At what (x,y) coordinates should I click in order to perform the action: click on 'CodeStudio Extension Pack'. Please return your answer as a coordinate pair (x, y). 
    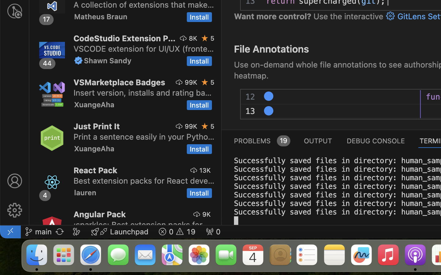
    Looking at the image, I should click on (124, 38).